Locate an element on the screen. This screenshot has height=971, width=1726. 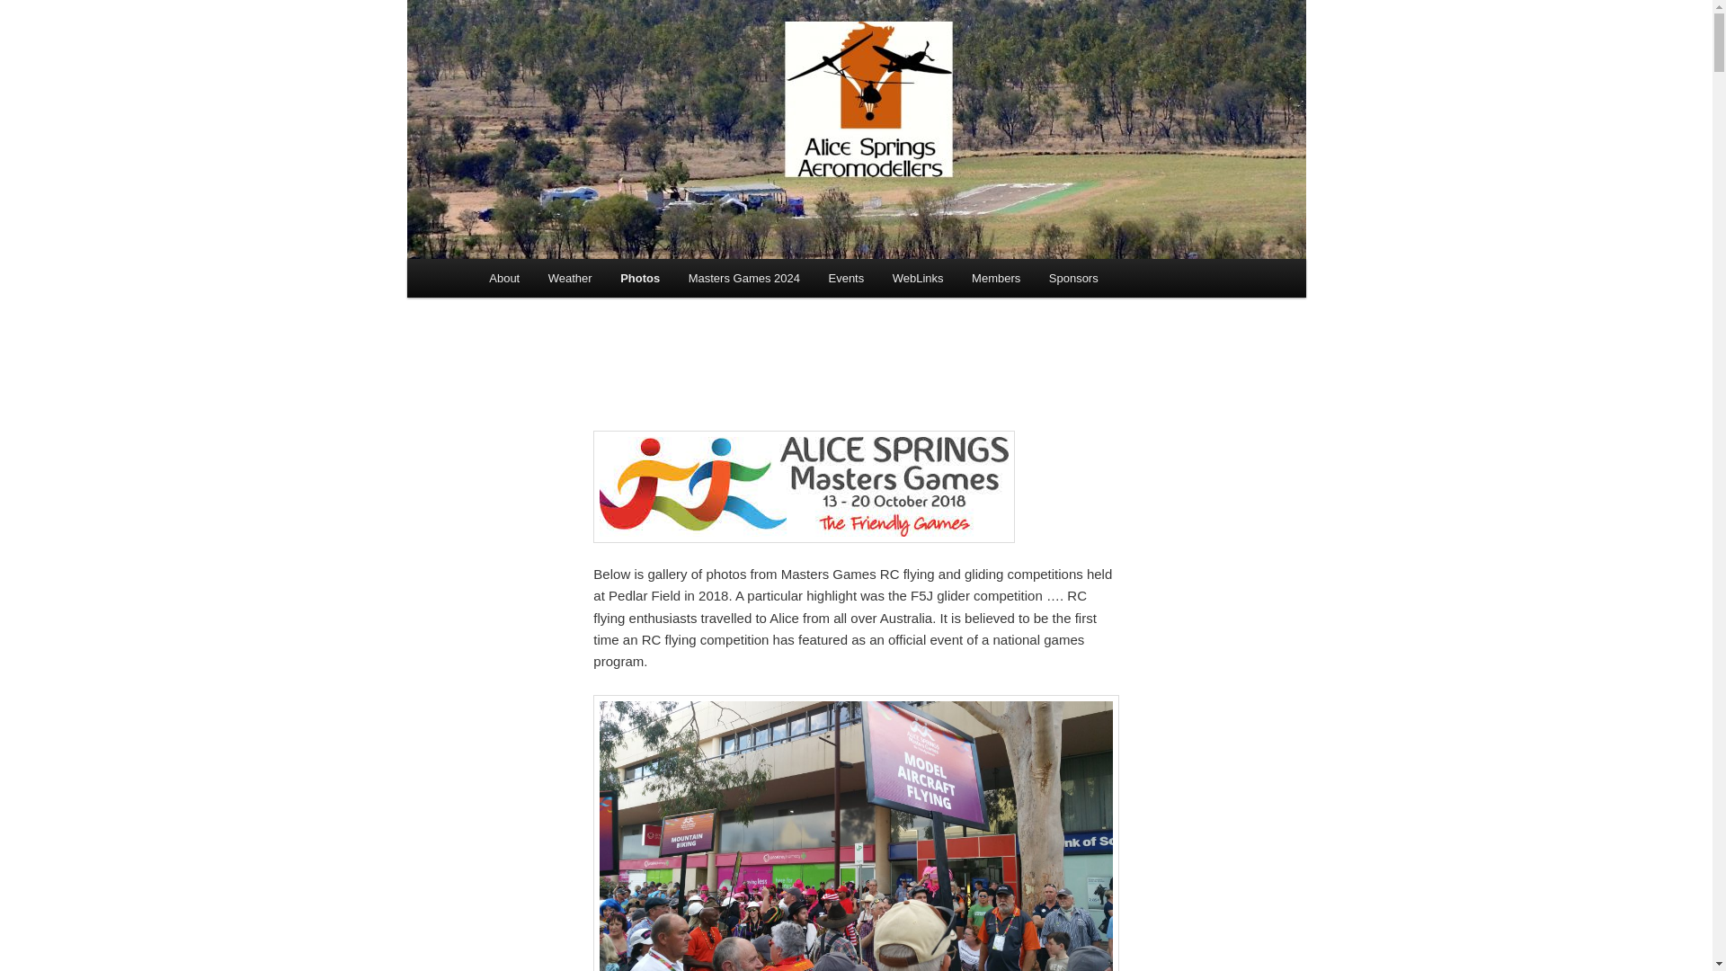
'WebLinks' is located at coordinates (918, 278).